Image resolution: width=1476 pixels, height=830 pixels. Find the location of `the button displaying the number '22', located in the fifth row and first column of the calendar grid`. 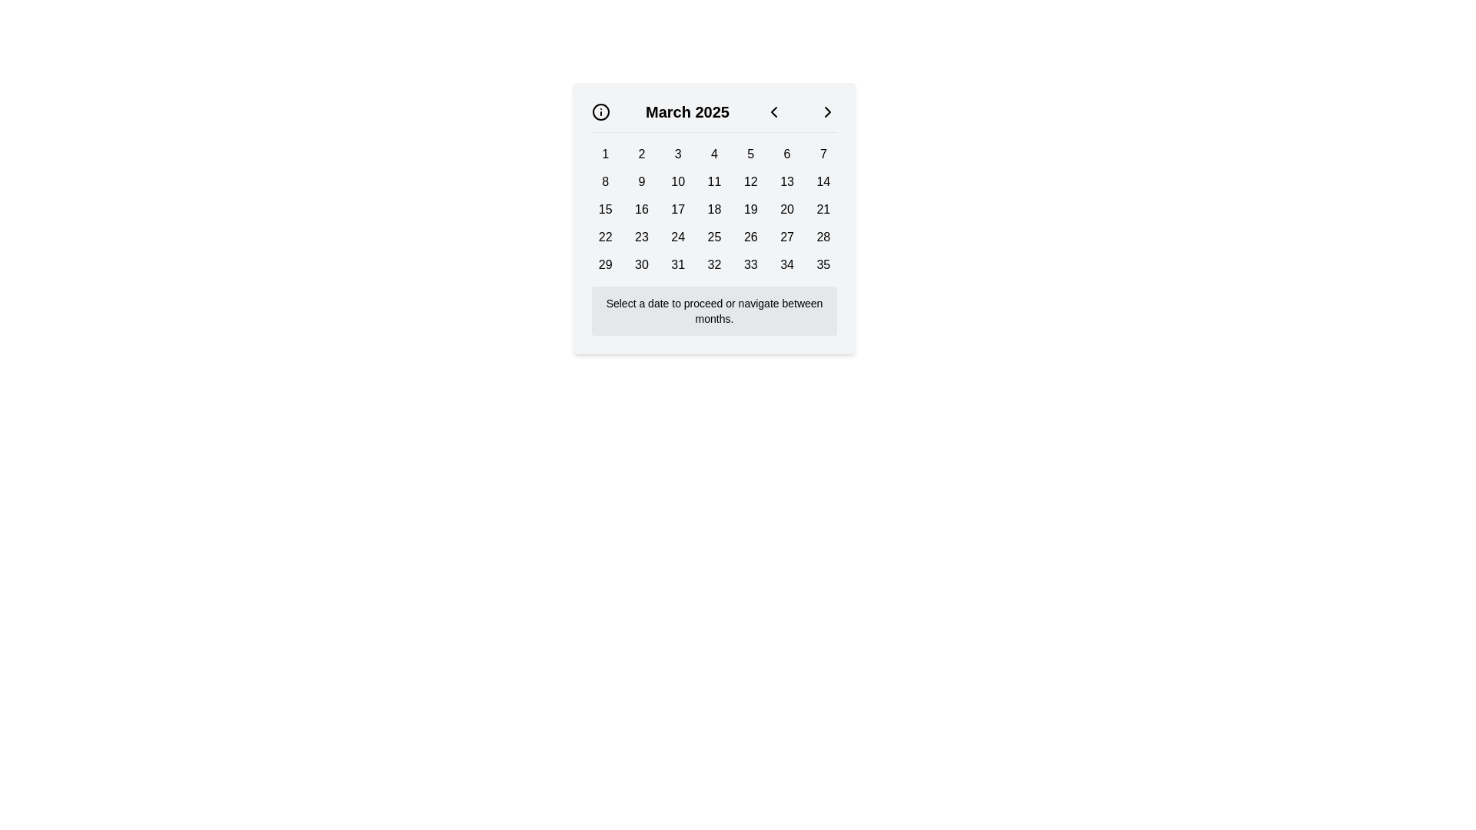

the button displaying the number '22', located in the fifth row and first column of the calendar grid is located at coordinates (604, 237).